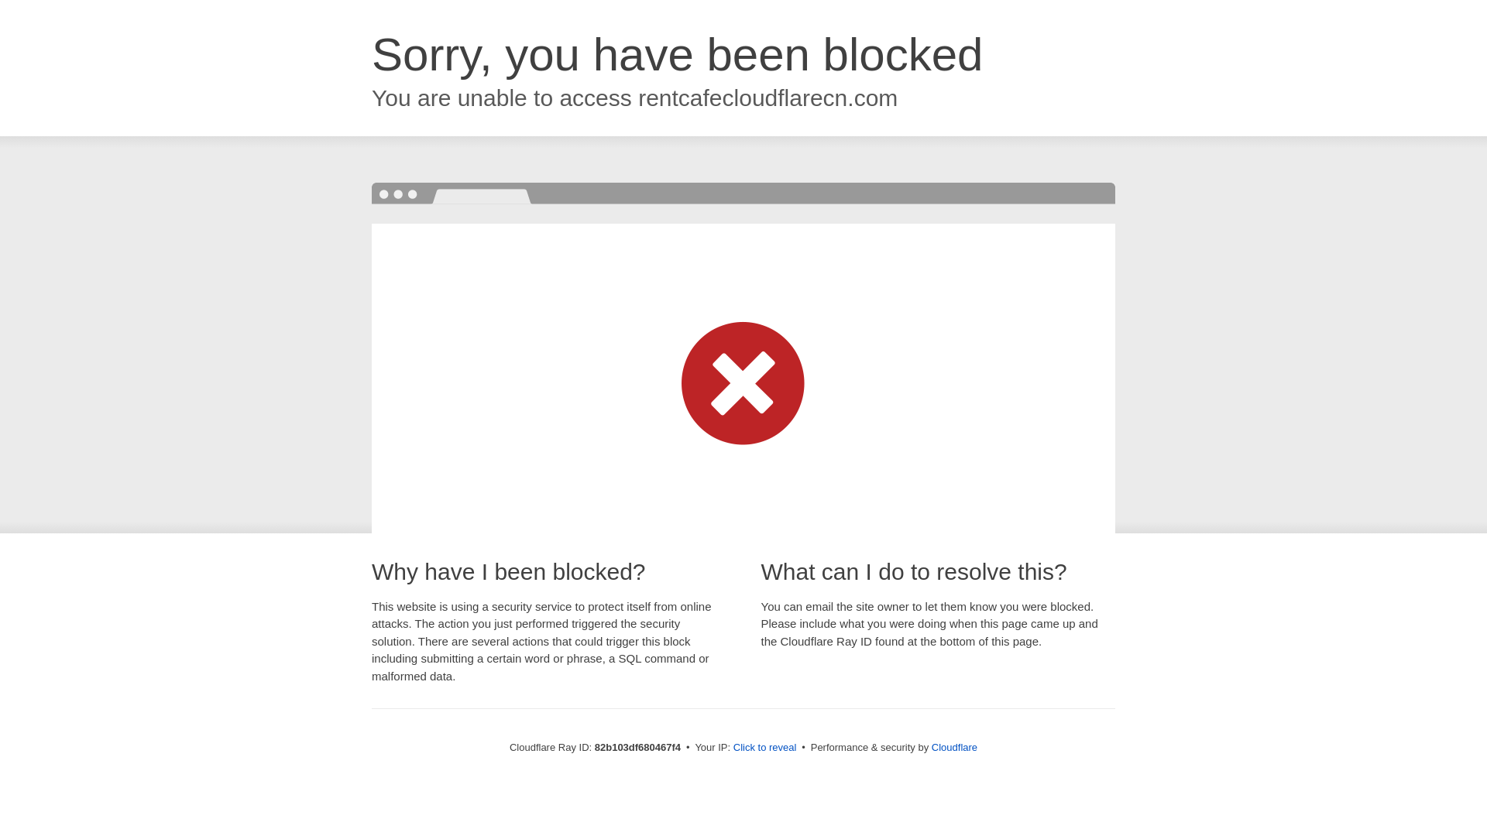  What do you see at coordinates (732, 746) in the screenshot?
I see `'Click to reveal'` at bounding box center [732, 746].